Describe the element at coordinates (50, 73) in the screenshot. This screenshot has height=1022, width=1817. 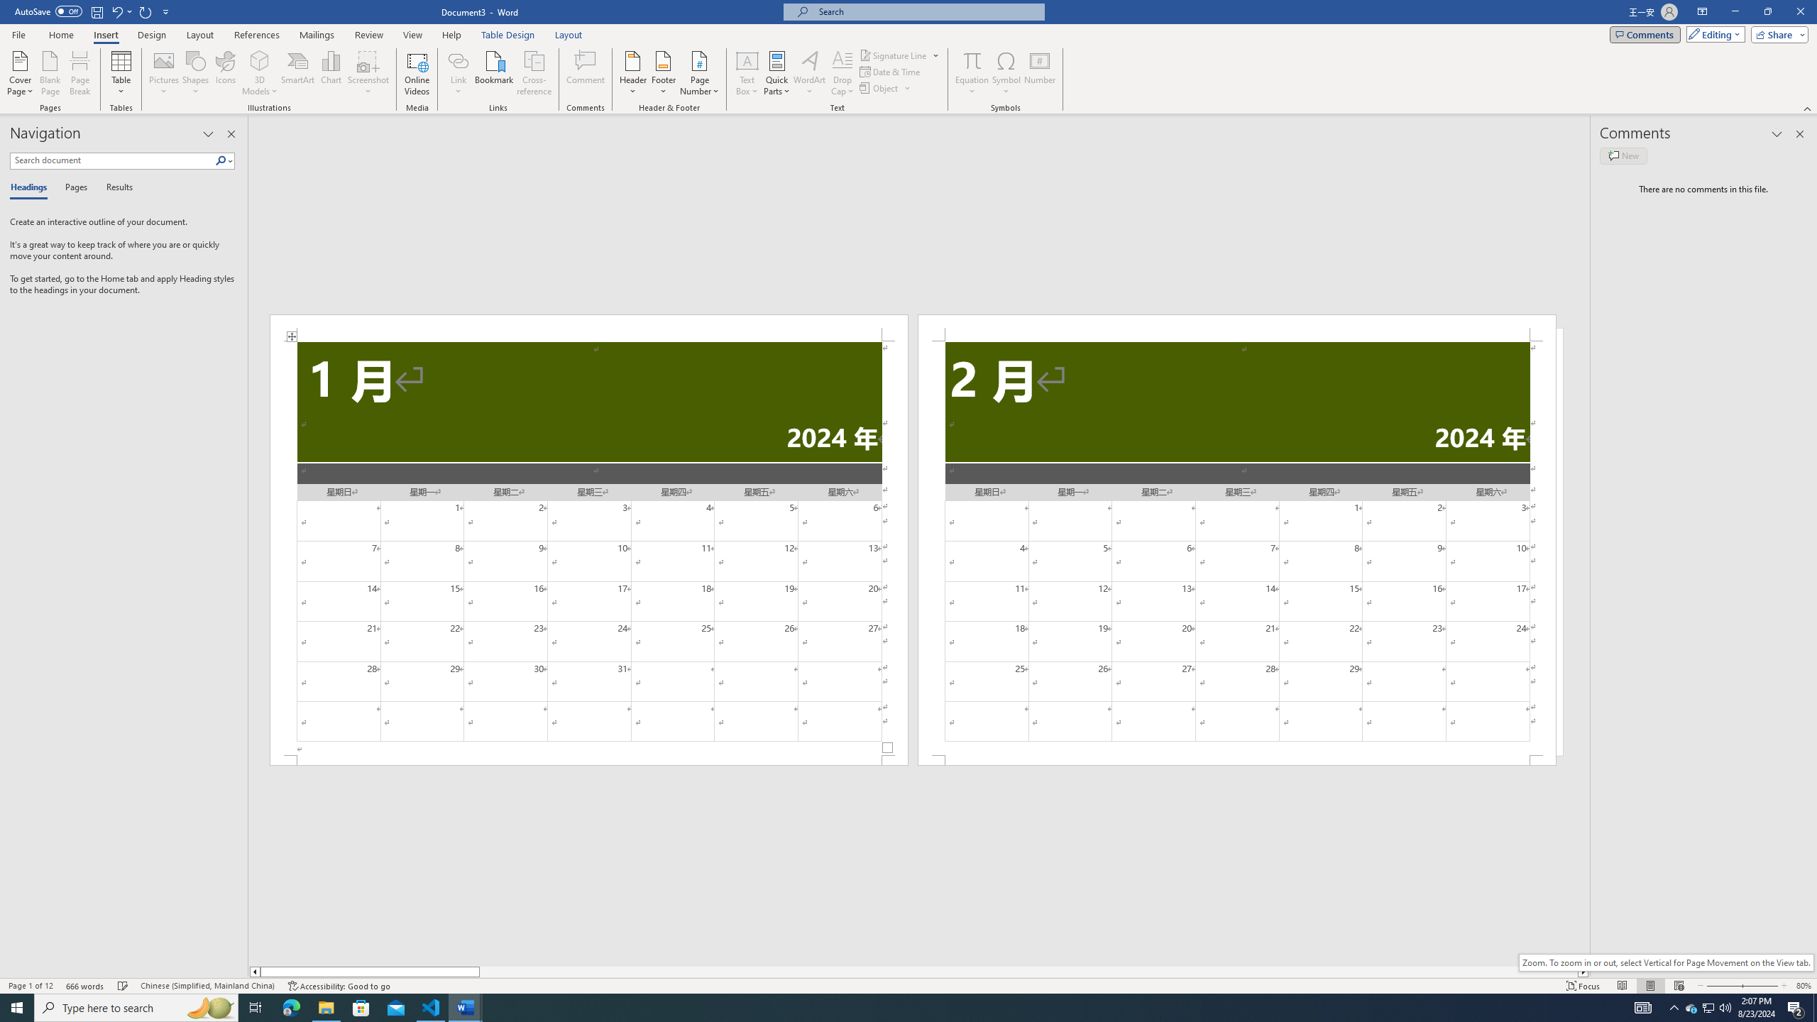
I see `'Blank Page'` at that location.